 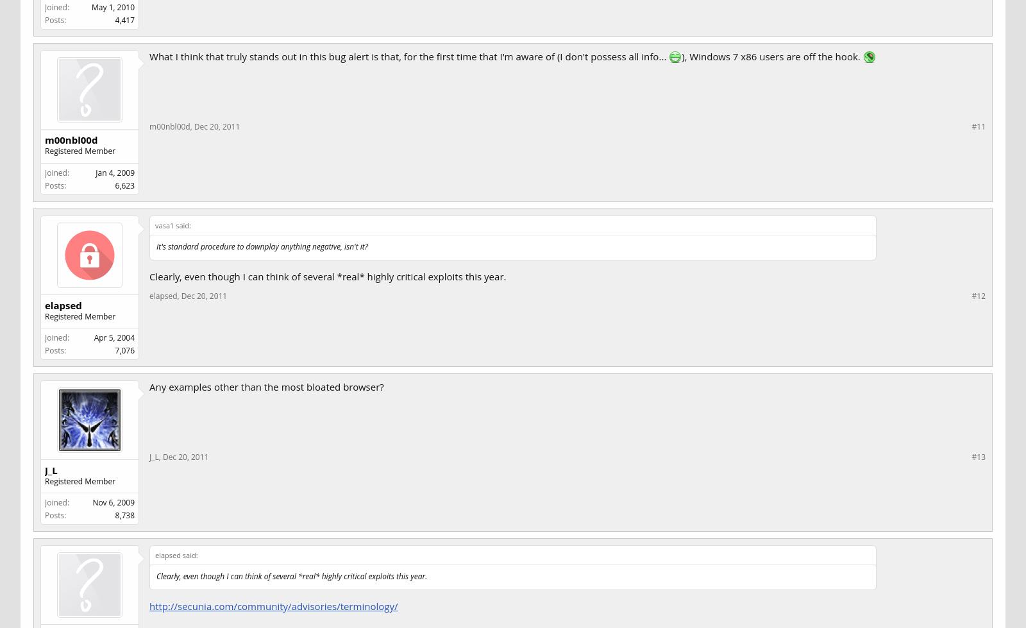 What do you see at coordinates (149, 385) in the screenshot?
I see `'Any examples other than the most bloated browser?'` at bounding box center [149, 385].